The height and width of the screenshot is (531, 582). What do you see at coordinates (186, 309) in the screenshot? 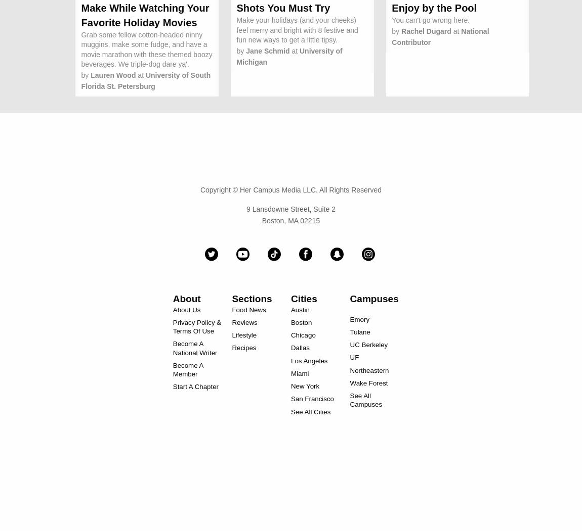
I see `'About Us'` at bounding box center [186, 309].